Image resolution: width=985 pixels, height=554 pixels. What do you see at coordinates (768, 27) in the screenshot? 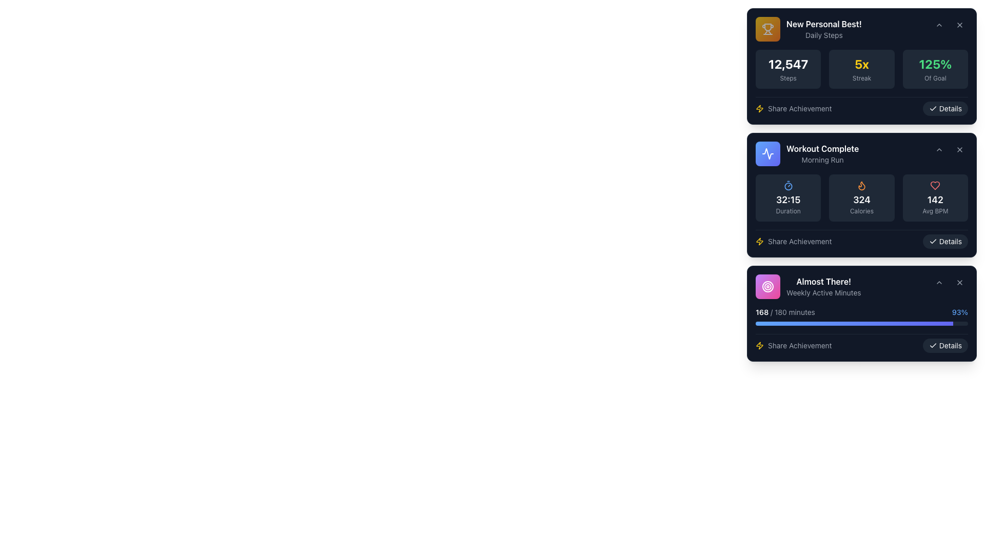
I see `the achievement icon located in the upper-left corner of the 'New Personal Best!' card, which is positioned left of the title text` at bounding box center [768, 27].